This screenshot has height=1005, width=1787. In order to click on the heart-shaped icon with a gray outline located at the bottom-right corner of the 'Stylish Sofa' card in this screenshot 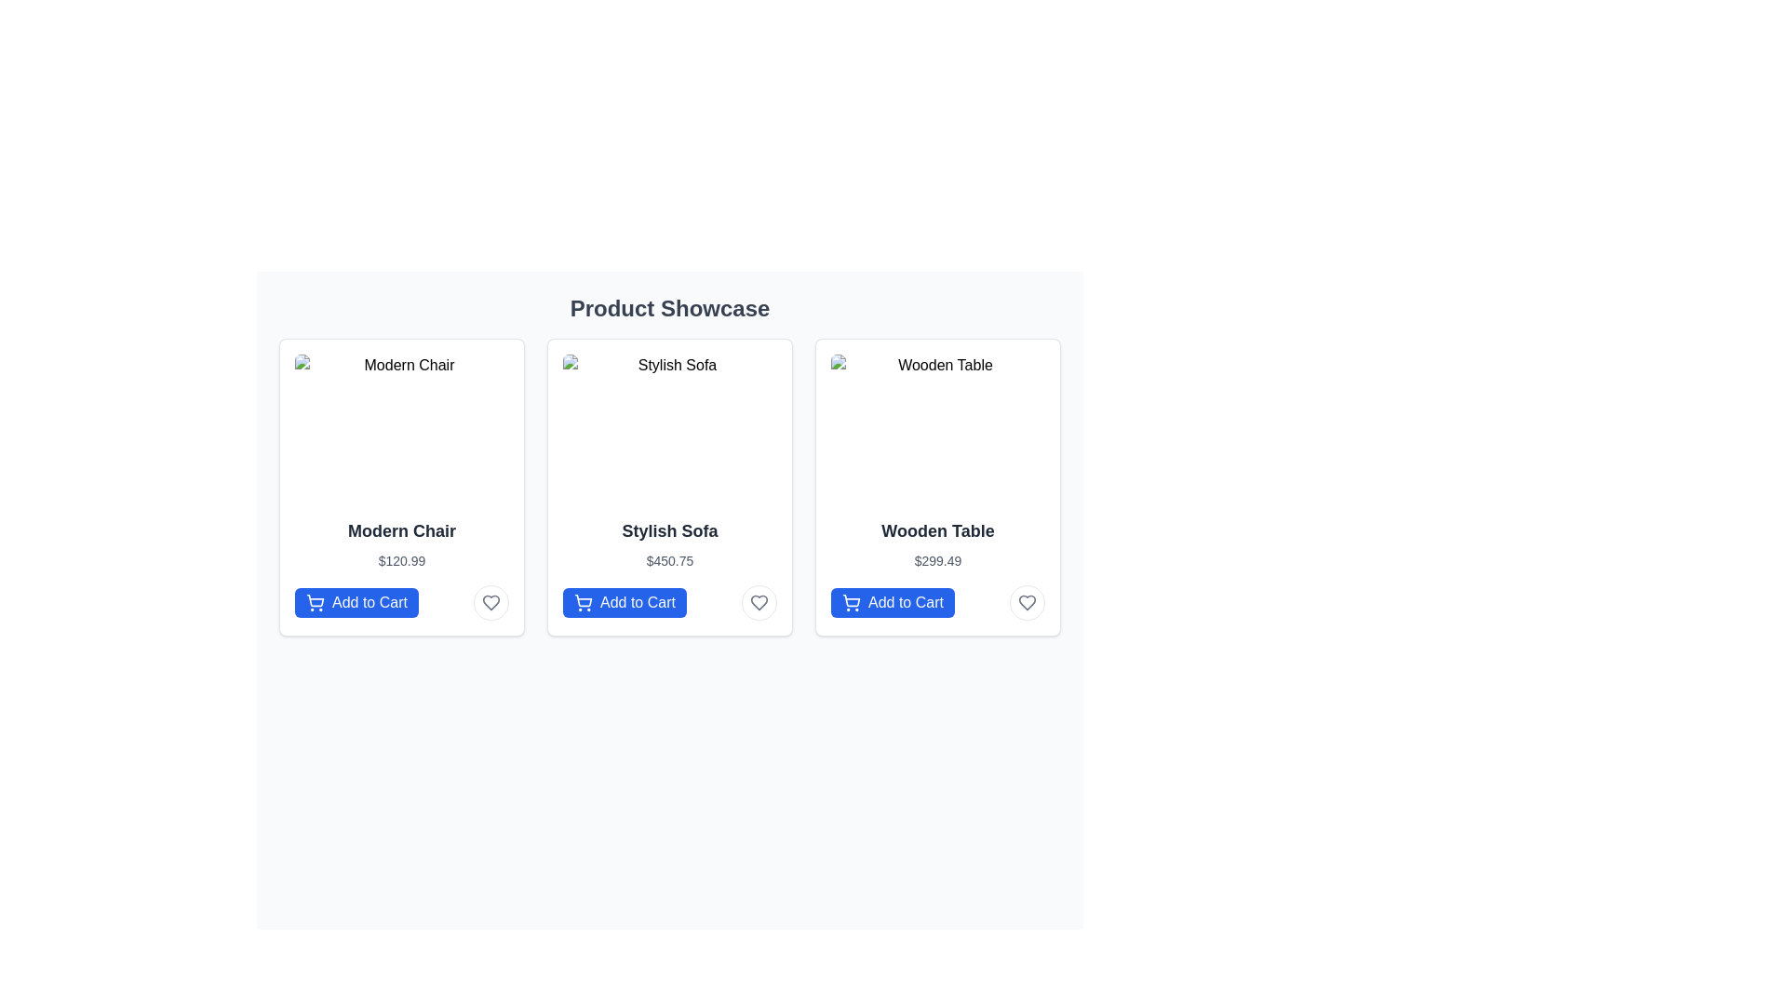, I will do `click(759, 603)`.